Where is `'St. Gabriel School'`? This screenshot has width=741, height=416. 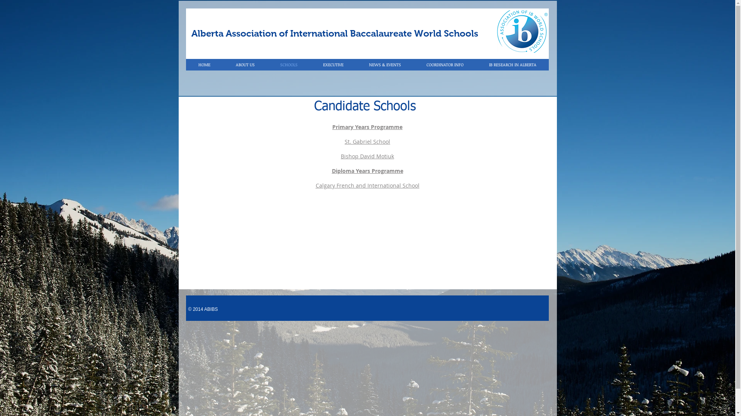 'St. Gabriel School' is located at coordinates (367, 141).